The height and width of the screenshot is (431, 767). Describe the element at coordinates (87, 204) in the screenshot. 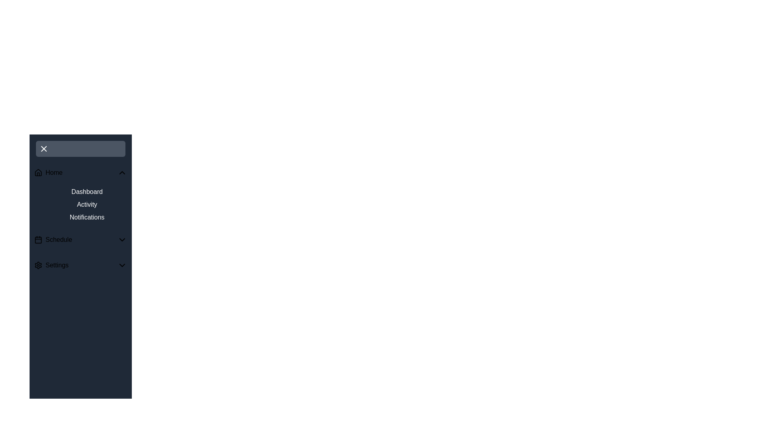

I see `the text label 'Activity' which is the second item in the vertical navigation list` at that location.